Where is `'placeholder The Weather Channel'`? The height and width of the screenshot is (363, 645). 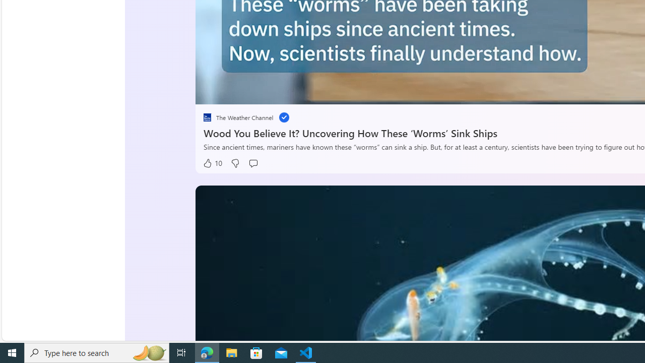 'placeholder The Weather Channel' is located at coordinates (238, 117).